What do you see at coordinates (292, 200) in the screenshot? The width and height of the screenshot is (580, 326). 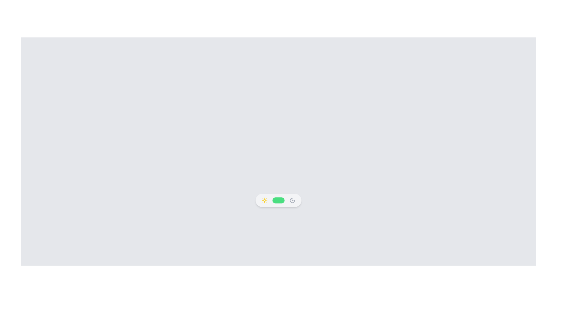 I see `the crescent moon graphic icon, which is a gray hollow design associated with dark mode toggles, located in the left segment of the toggle-like control at the bottom center of the interface` at bounding box center [292, 200].